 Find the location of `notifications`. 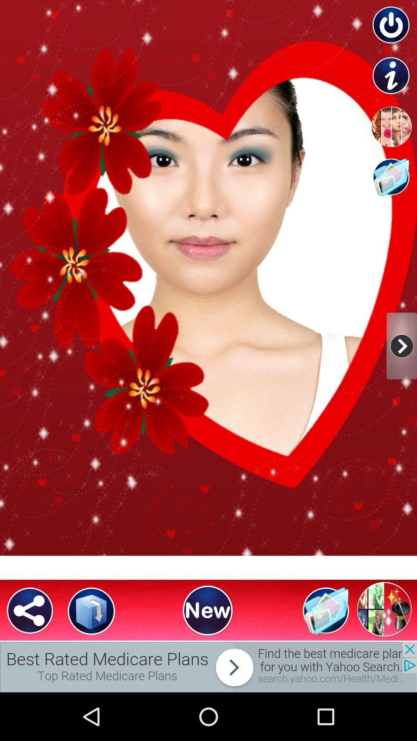

notifications is located at coordinates (208, 667).